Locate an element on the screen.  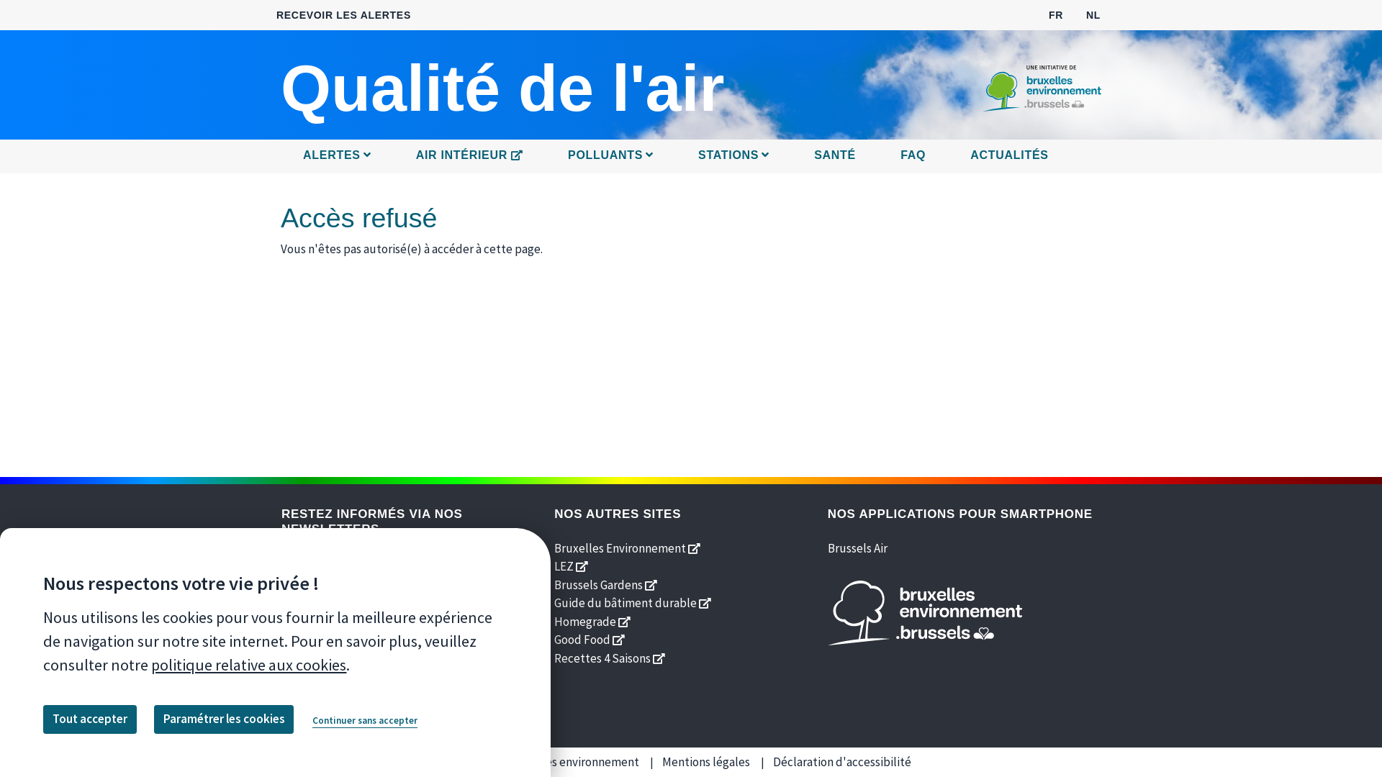
'Facebook' is located at coordinates (293, 651).